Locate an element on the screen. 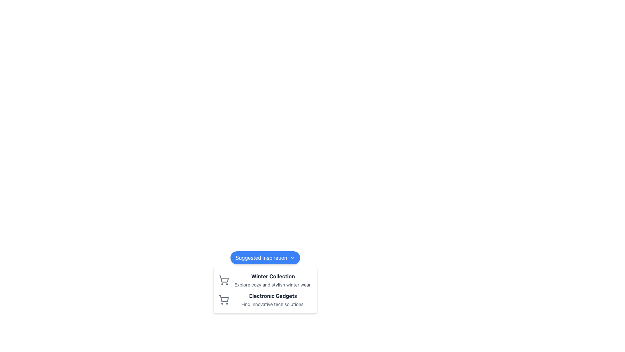 This screenshot has height=352, width=625. the Composite element featuring a shopping cart icon and the title 'Electronic Gadgets' located below the 'Winter Collection' section is located at coordinates (265, 300).